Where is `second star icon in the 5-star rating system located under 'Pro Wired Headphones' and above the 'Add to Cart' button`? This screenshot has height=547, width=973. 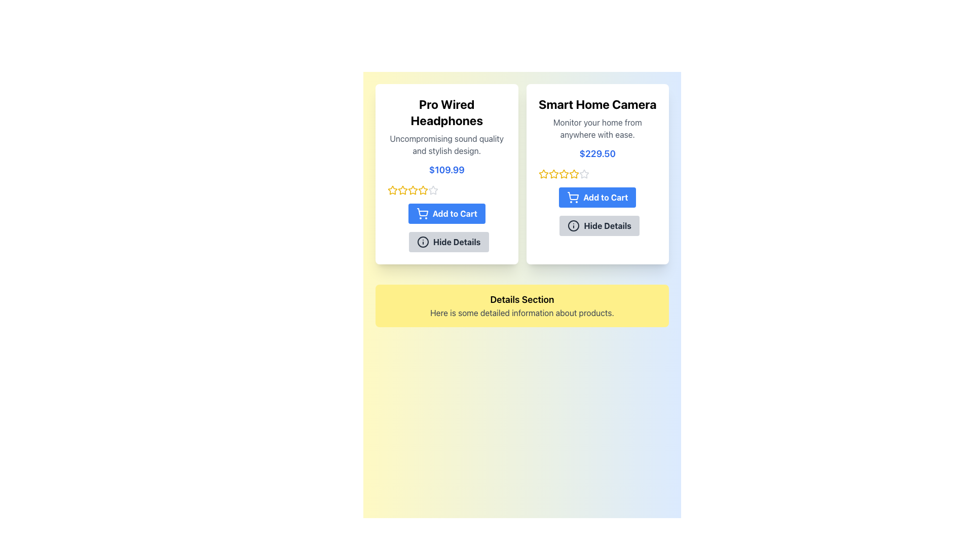
second star icon in the 5-star rating system located under 'Pro Wired Headphones' and above the 'Add to Cart' button is located at coordinates (402, 190).